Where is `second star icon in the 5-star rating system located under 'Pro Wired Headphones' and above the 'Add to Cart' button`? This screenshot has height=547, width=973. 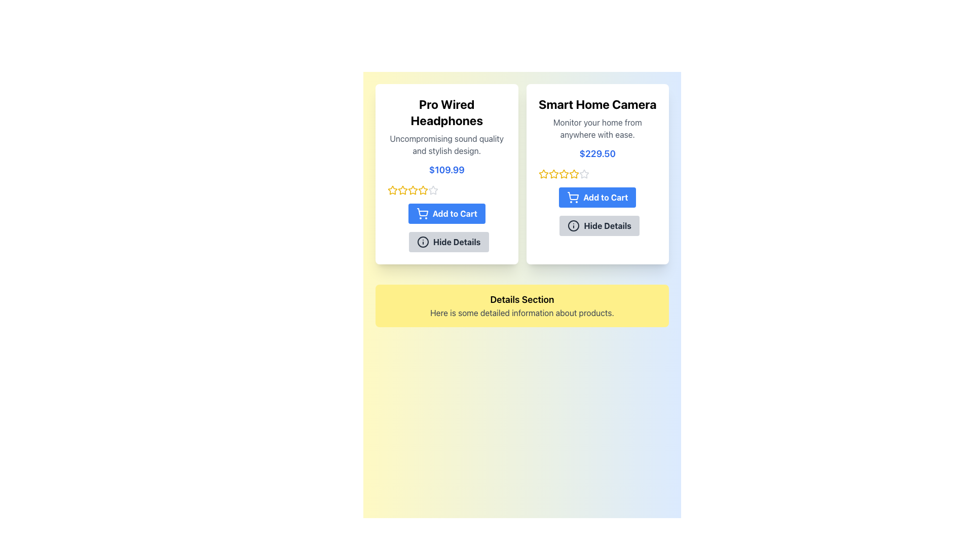
second star icon in the 5-star rating system located under 'Pro Wired Headphones' and above the 'Add to Cart' button is located at coordinates (402, 190).